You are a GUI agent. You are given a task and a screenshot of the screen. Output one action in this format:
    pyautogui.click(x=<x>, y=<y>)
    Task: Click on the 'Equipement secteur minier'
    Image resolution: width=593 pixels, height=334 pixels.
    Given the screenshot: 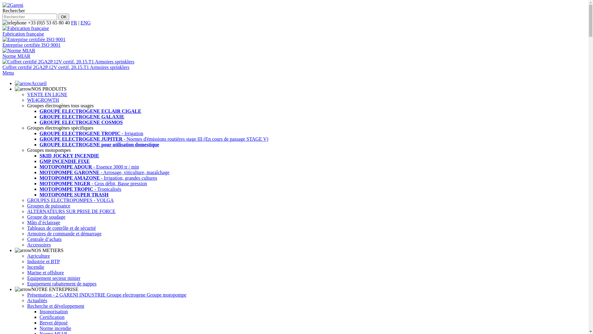 What is the action you would take?
    pyautogui.click(x=53, y=278)
    